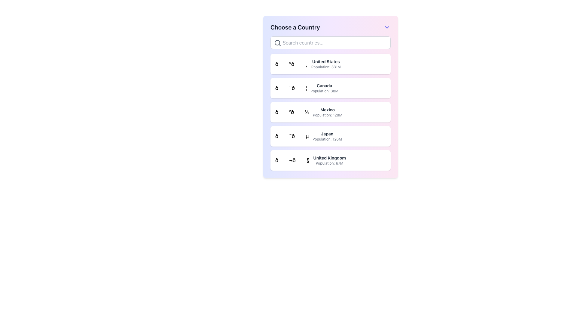 Image resolution: width=577 pixels, height=325 pixels. I want to click on the text label displaying 'Mexico', which is bold and dark gray, located in the third row of a list of countries between 'Canada' and 'Japan', so click(327, 110).